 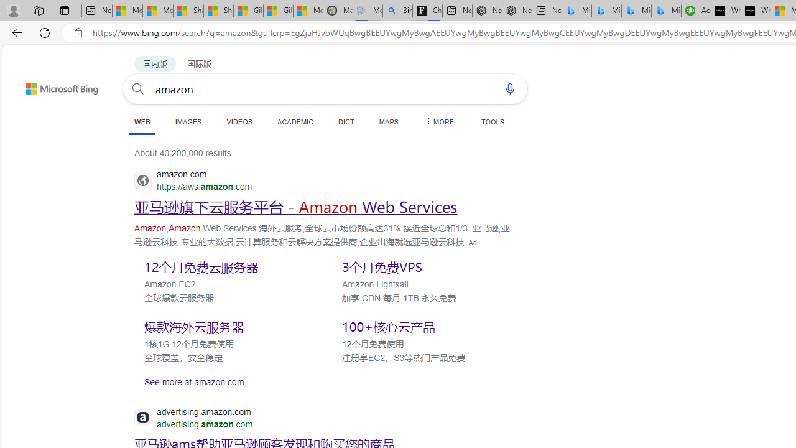 What do you see at coordinates (346, 121) in the screenshot?
I see `'DICT'` at bounding box center [346, 121].